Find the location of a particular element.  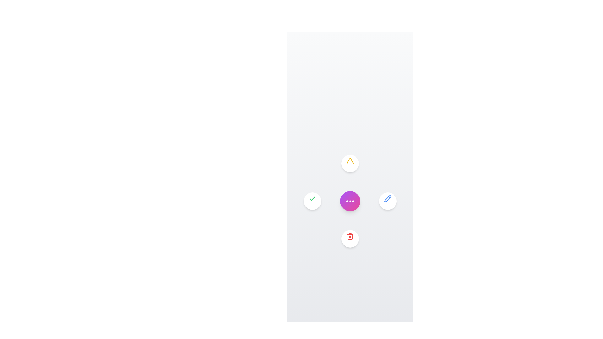

the central button to toggle the radial menu is located at coordinates (350, 201).